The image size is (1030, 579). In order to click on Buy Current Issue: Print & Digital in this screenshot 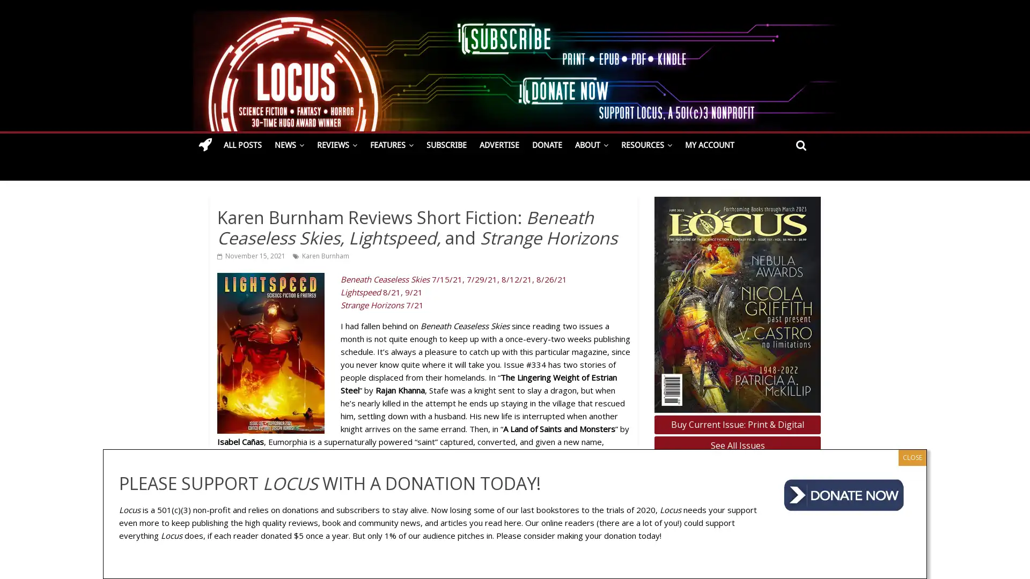, I will do `click(737, 424)`.